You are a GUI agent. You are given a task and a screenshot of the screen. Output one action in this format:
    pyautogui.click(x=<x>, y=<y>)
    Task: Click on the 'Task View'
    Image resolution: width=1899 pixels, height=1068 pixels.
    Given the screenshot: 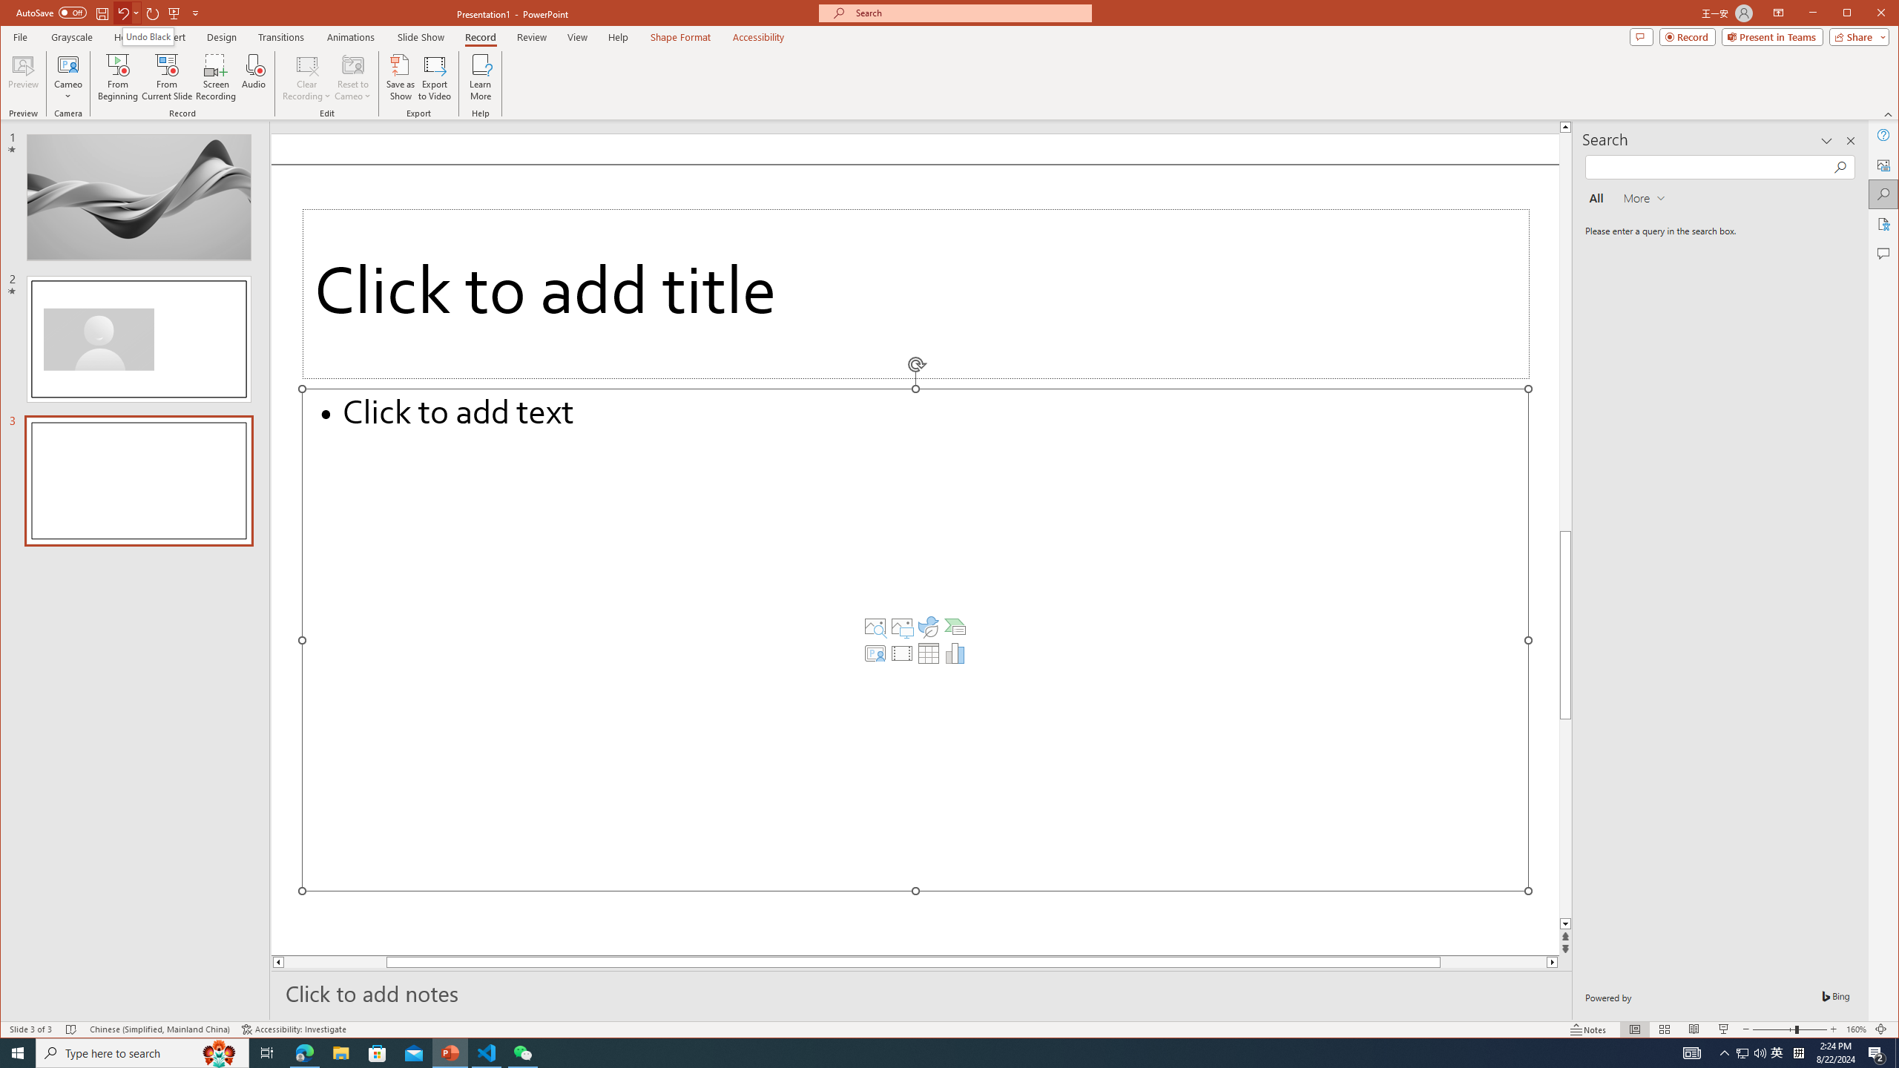 What is the action you would take?
    pyautogui.click(x=266, y=1052)
    